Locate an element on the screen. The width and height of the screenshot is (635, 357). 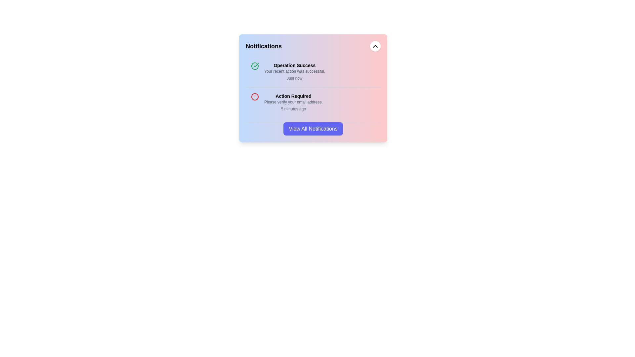
the first notification card displaying a green checkmark icon and the text 'Operation Success' in a vertically stacked list of notifications is located at coordinates (313, 72).